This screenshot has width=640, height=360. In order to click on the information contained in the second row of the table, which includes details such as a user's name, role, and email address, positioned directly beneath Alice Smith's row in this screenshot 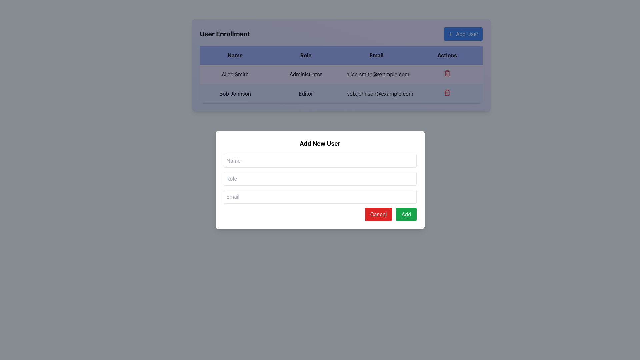, I will do `click(341, 83)`.